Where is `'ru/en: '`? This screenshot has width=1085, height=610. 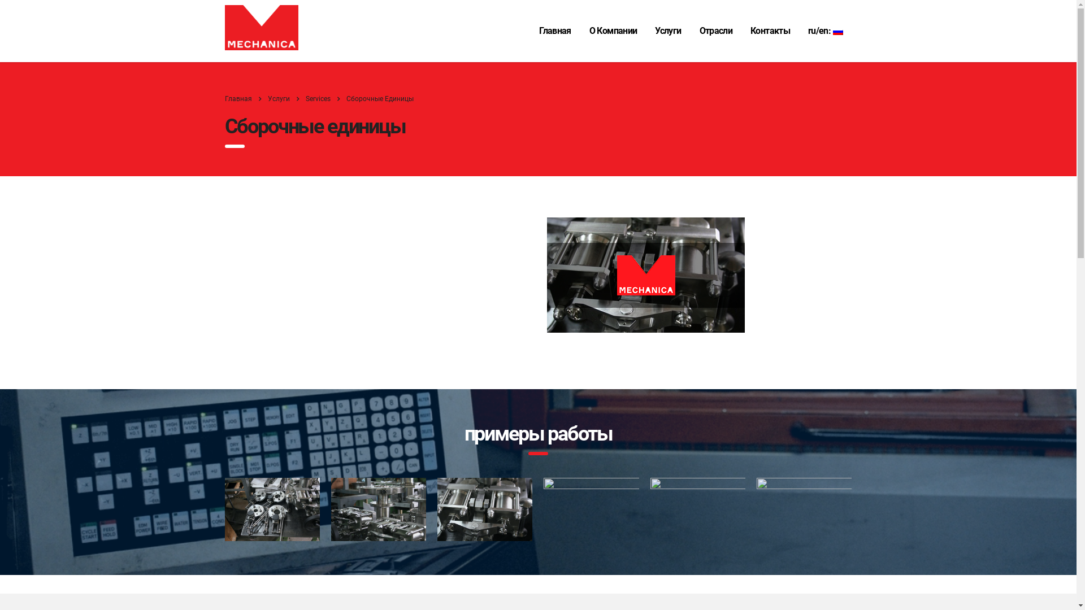
'ru/en: ' is located at coordinates (825, 30).